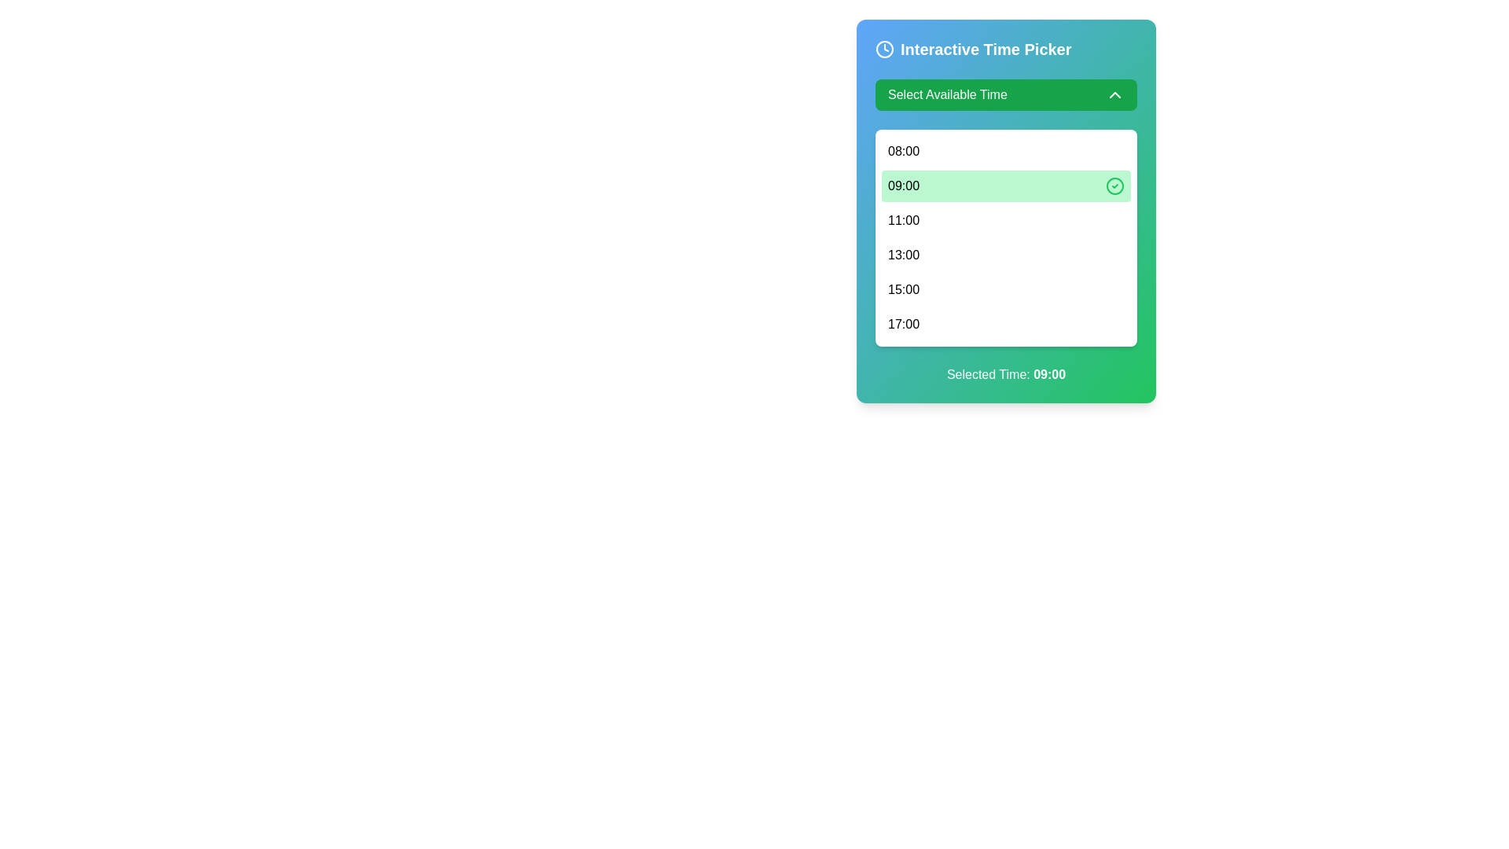 This screenshot has height=849, width=1509. What do you see at coordinates (904, 221) in the screenshot?
I see `the selectable time option text label representing '11:00', which is the third item in the dropdown list, to trigger a tooltip or highlight effect` at bounding box center [904, 221].